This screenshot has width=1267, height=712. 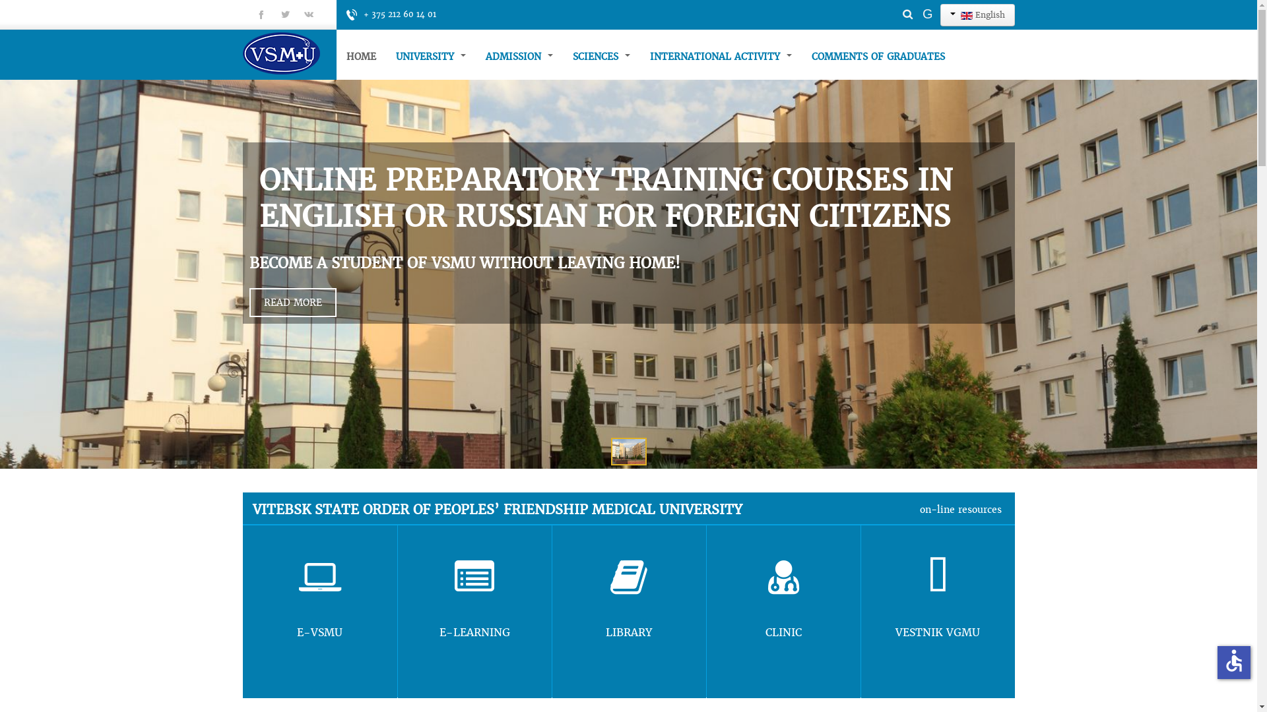 I want to click on 'E-VSMU', so click(x=319, y=611).